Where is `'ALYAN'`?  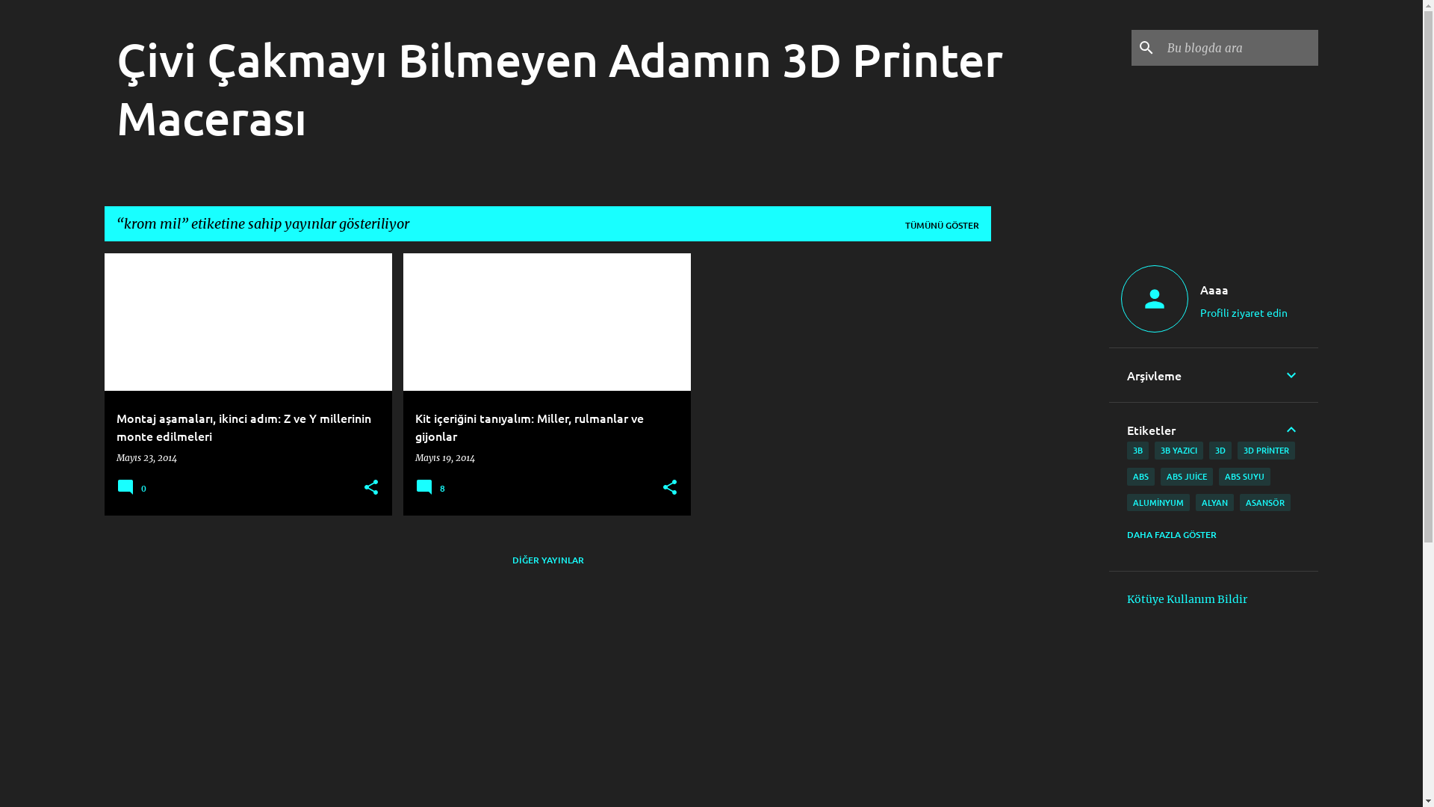
'ALYAN' is located at coordinates (1214, 501).